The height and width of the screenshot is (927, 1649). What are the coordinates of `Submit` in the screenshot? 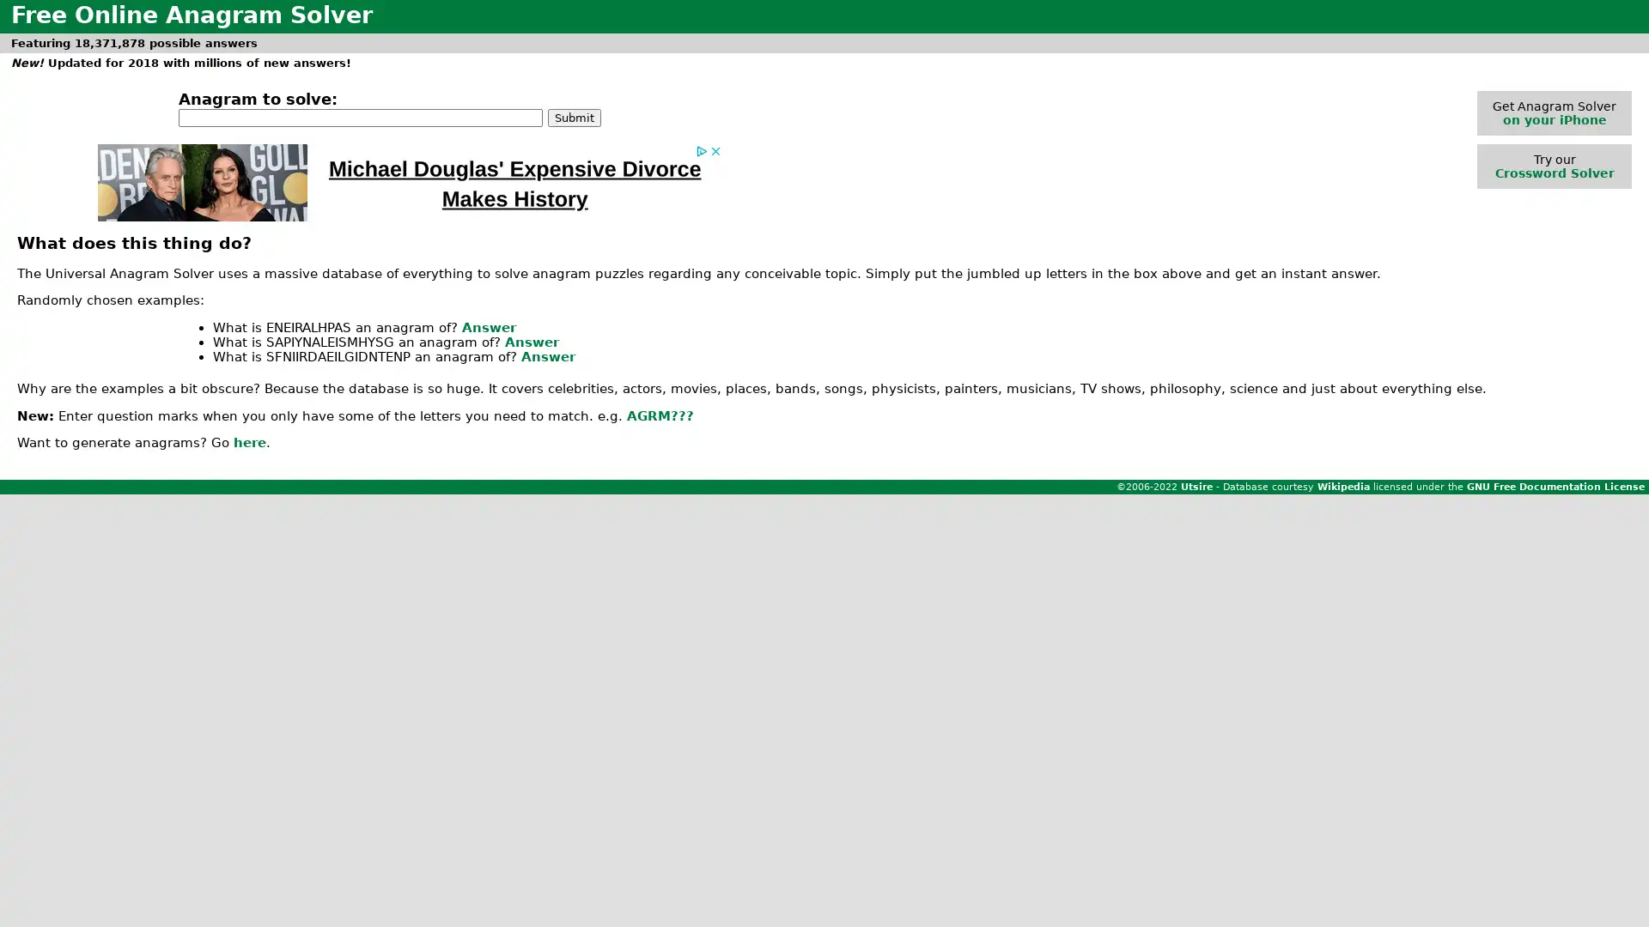 It's located at (574, 116).